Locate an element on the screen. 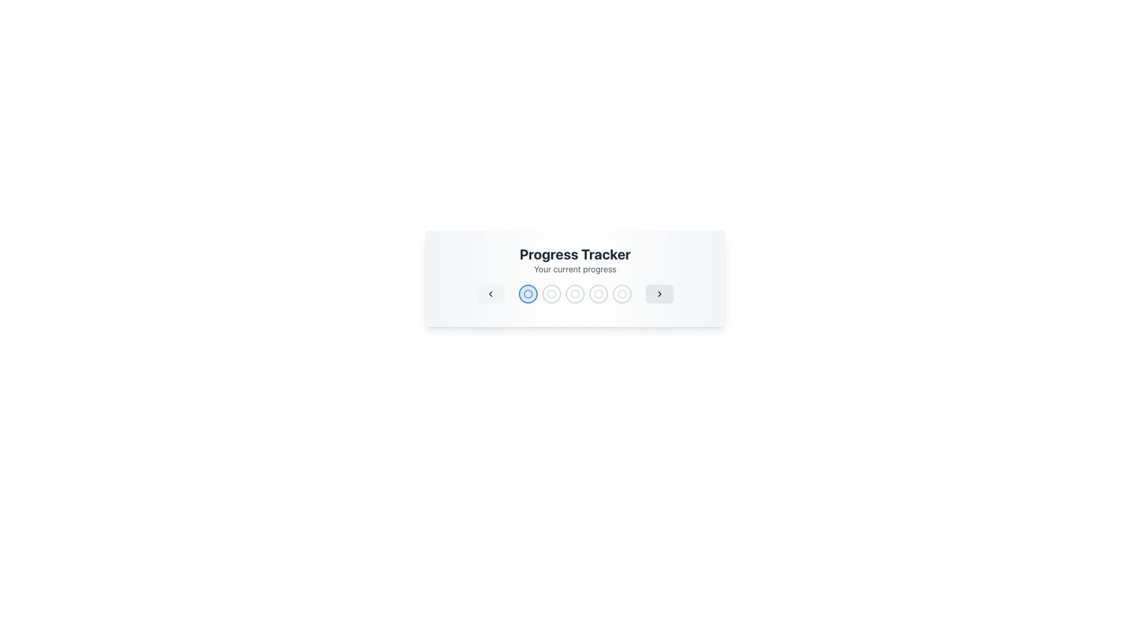 The image size is (1127, 634). the left-facing chevron icon embedded in the button on the far-left side of the horizontal progress tracker is located at coordinates (490, 294).